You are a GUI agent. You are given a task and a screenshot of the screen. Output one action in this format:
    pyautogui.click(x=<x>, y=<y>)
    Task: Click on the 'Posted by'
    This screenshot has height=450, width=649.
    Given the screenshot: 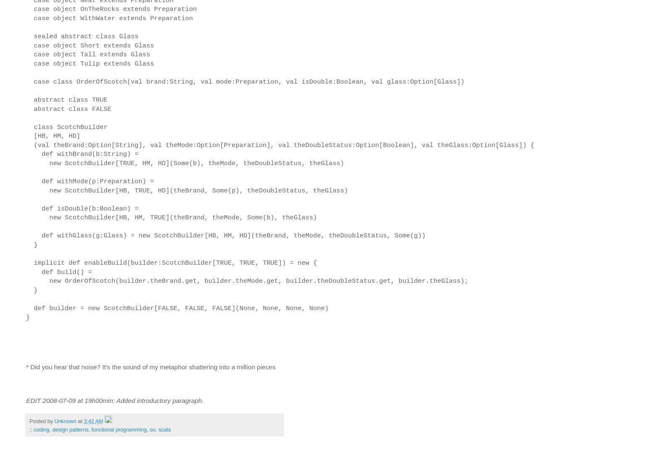 What is the action you would take?
    pyautogui.click(x=29, y=421)
    